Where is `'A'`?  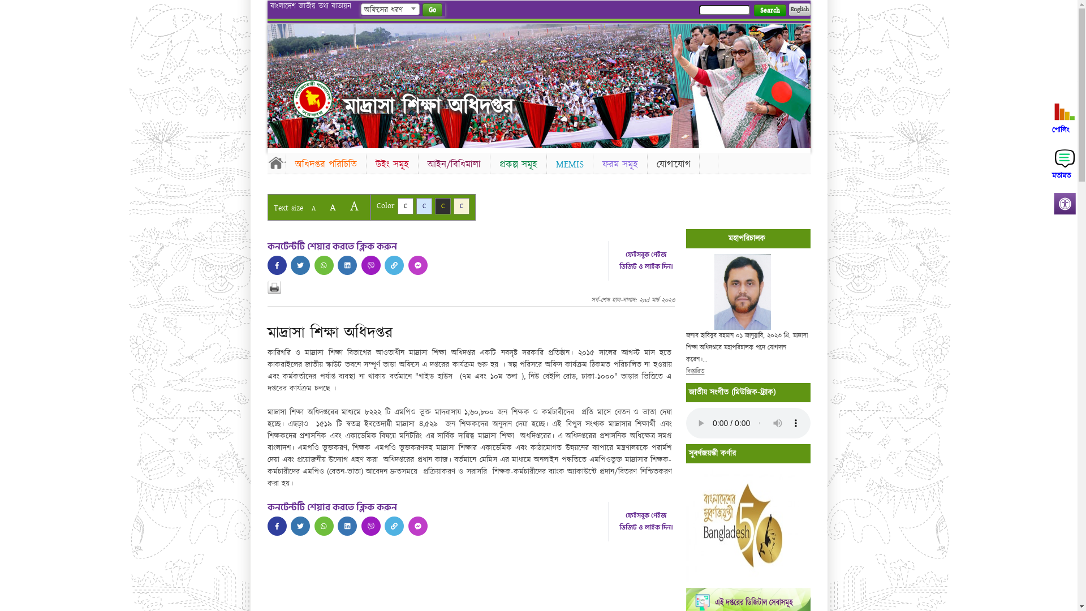 'A' is located at coordinates (353, 206).